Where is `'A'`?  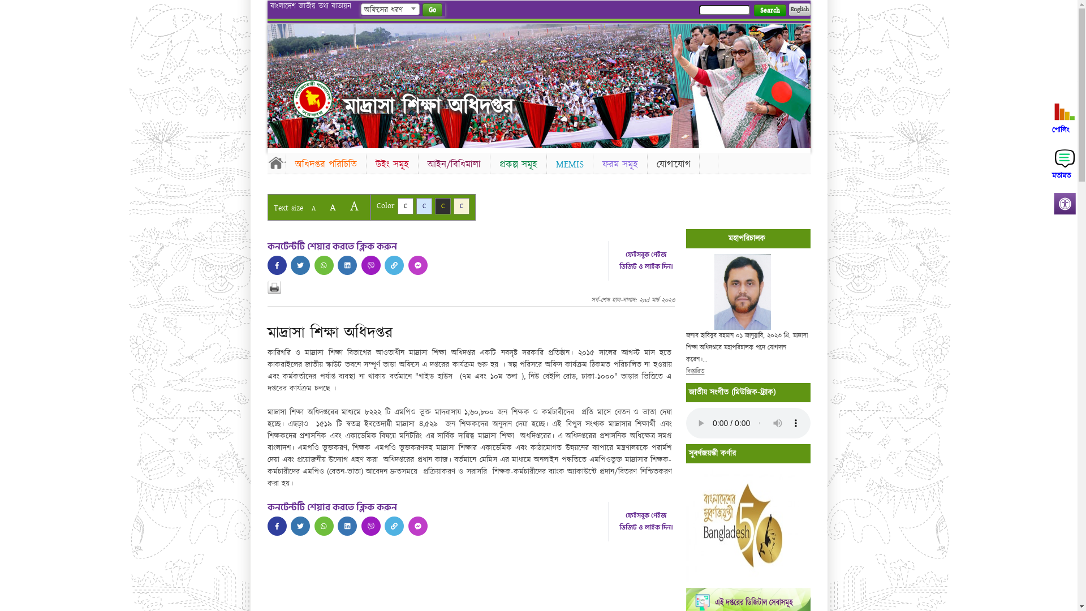 'A' is located at coordinates (353, 206).